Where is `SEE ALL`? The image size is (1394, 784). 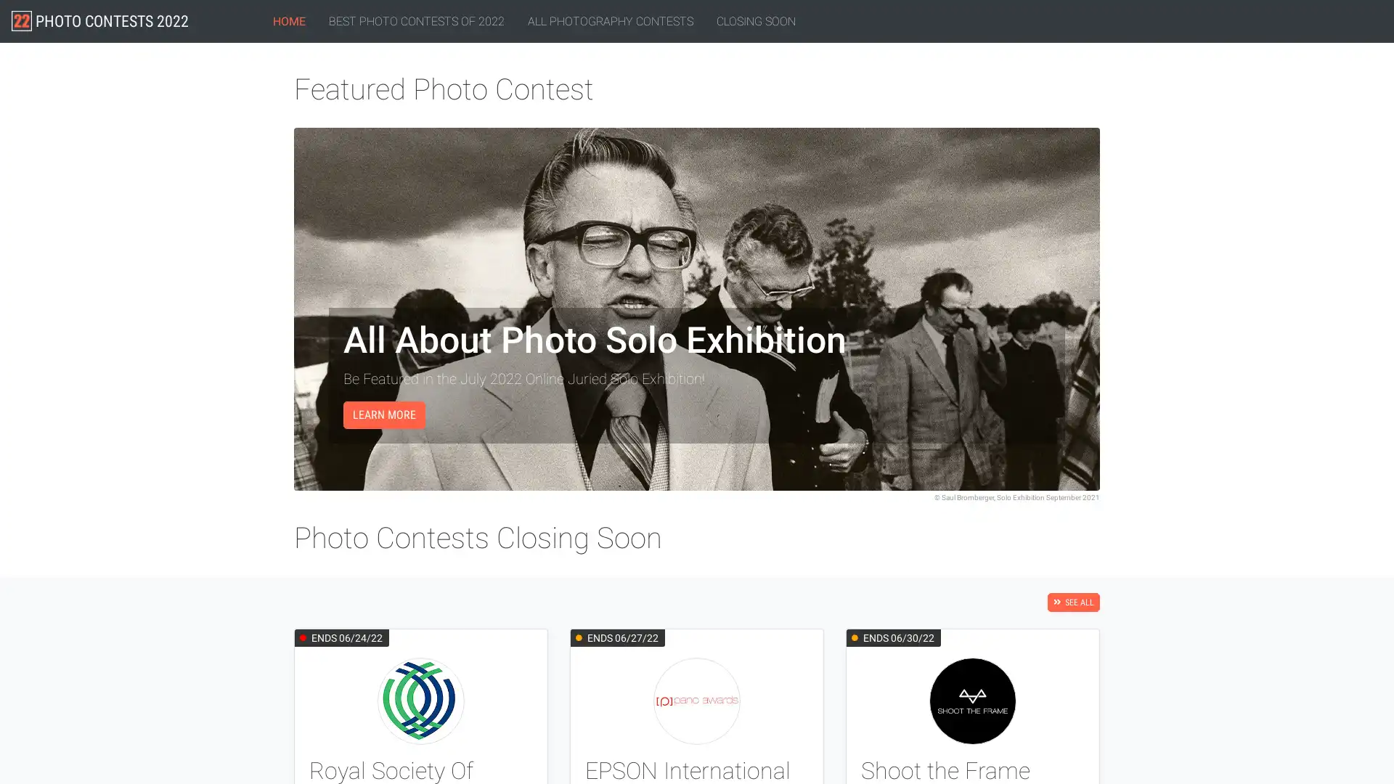 SEE ALL is located at coordinates (1073, 602).